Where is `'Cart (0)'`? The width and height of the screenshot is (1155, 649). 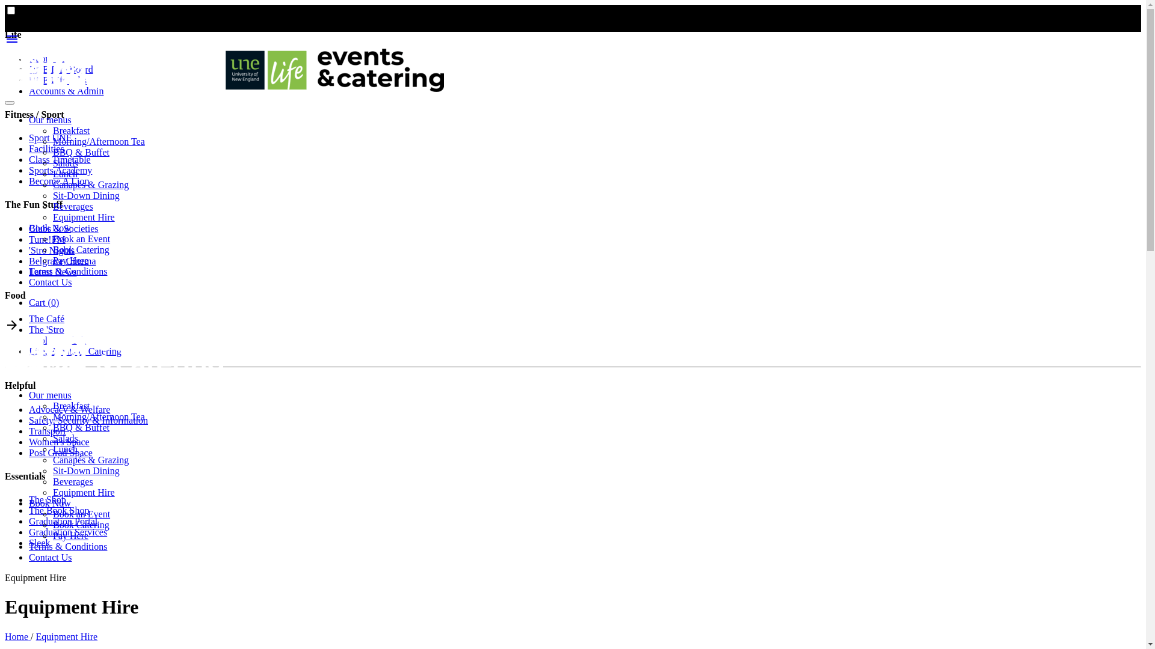 'Cart (0)' is located at coordinates (43, 302).